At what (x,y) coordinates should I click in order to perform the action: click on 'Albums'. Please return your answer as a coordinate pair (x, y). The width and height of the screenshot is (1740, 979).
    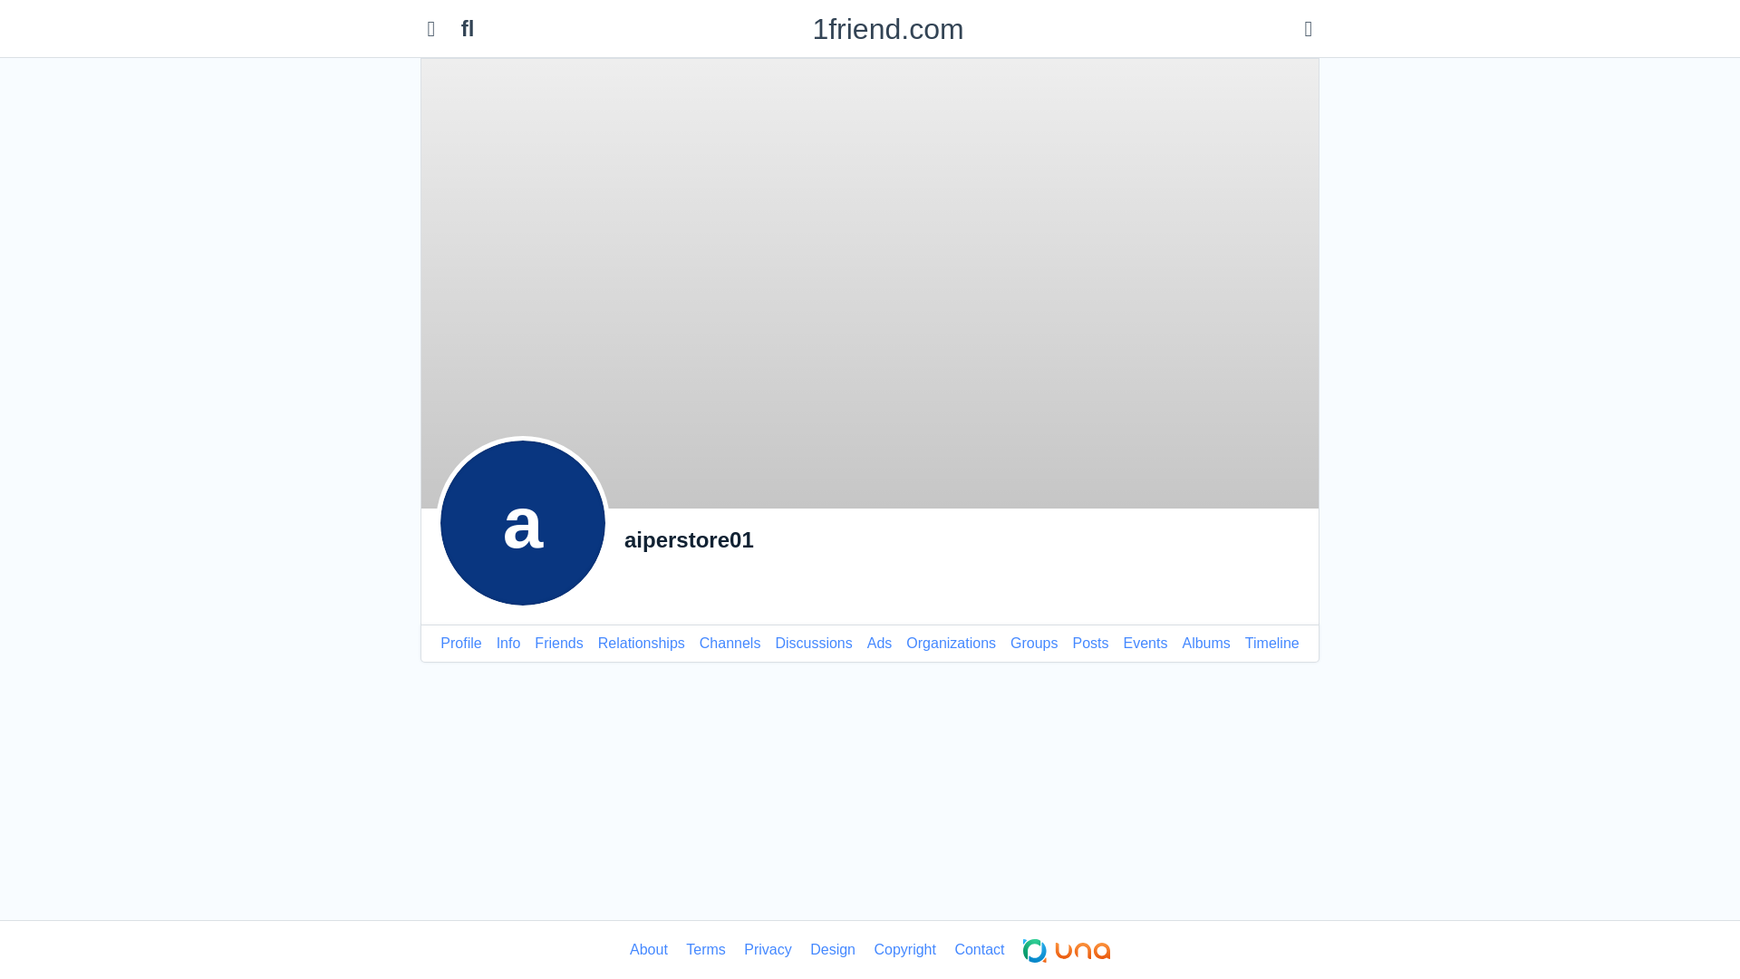
    Looking at the image, I should click on (1205, 642).